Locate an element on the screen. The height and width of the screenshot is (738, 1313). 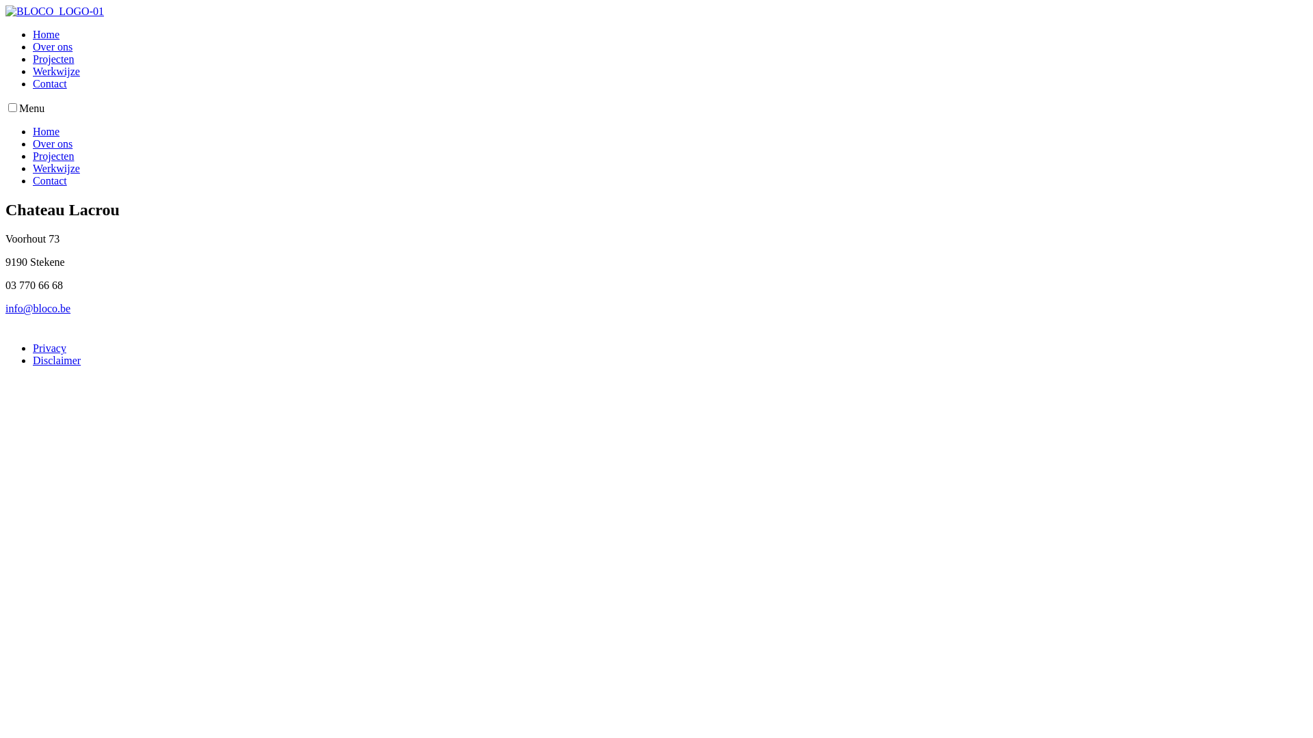
'Projecten' is located at coordinates (53, 155).